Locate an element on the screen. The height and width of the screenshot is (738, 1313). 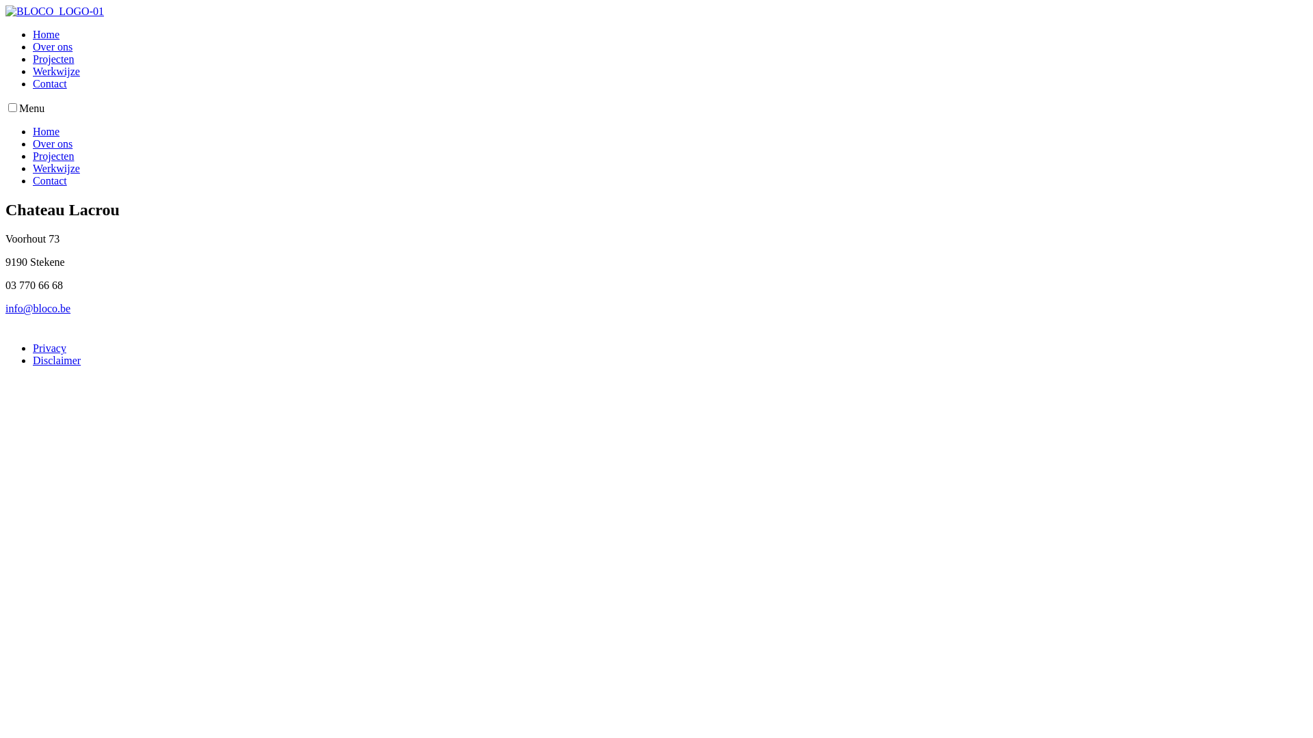
'Projecten' is located at coordinates (53, 155).